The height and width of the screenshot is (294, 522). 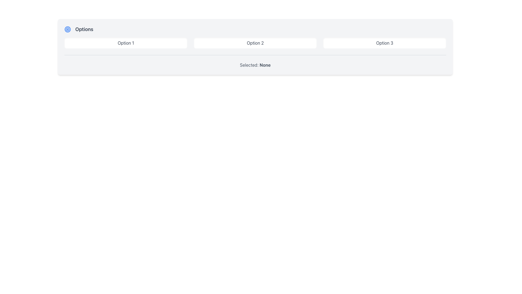 What do you see at coordinates (84, 29) in the screenshot?
I see `the 'Options' text label, which is a gray, bold label located near the top-left of the interface, to the right of a circular blue target icon` at bounding box center [84, 29].